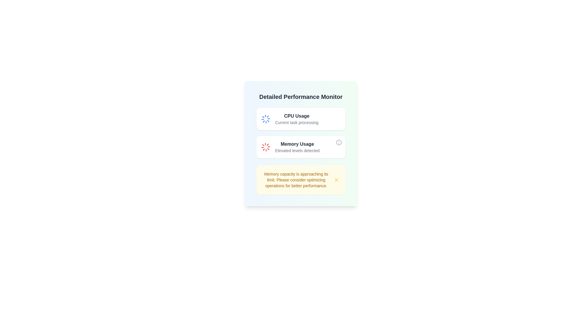 Image resolution: width=562 pixels, height=316 pixels. What do you see at coordinates (339, 142) in the screenshot?
I see `the SVG circle that visually represents memory usage, located in the 'Memory Usage' section of the interface` at bounding box center [339, 142].